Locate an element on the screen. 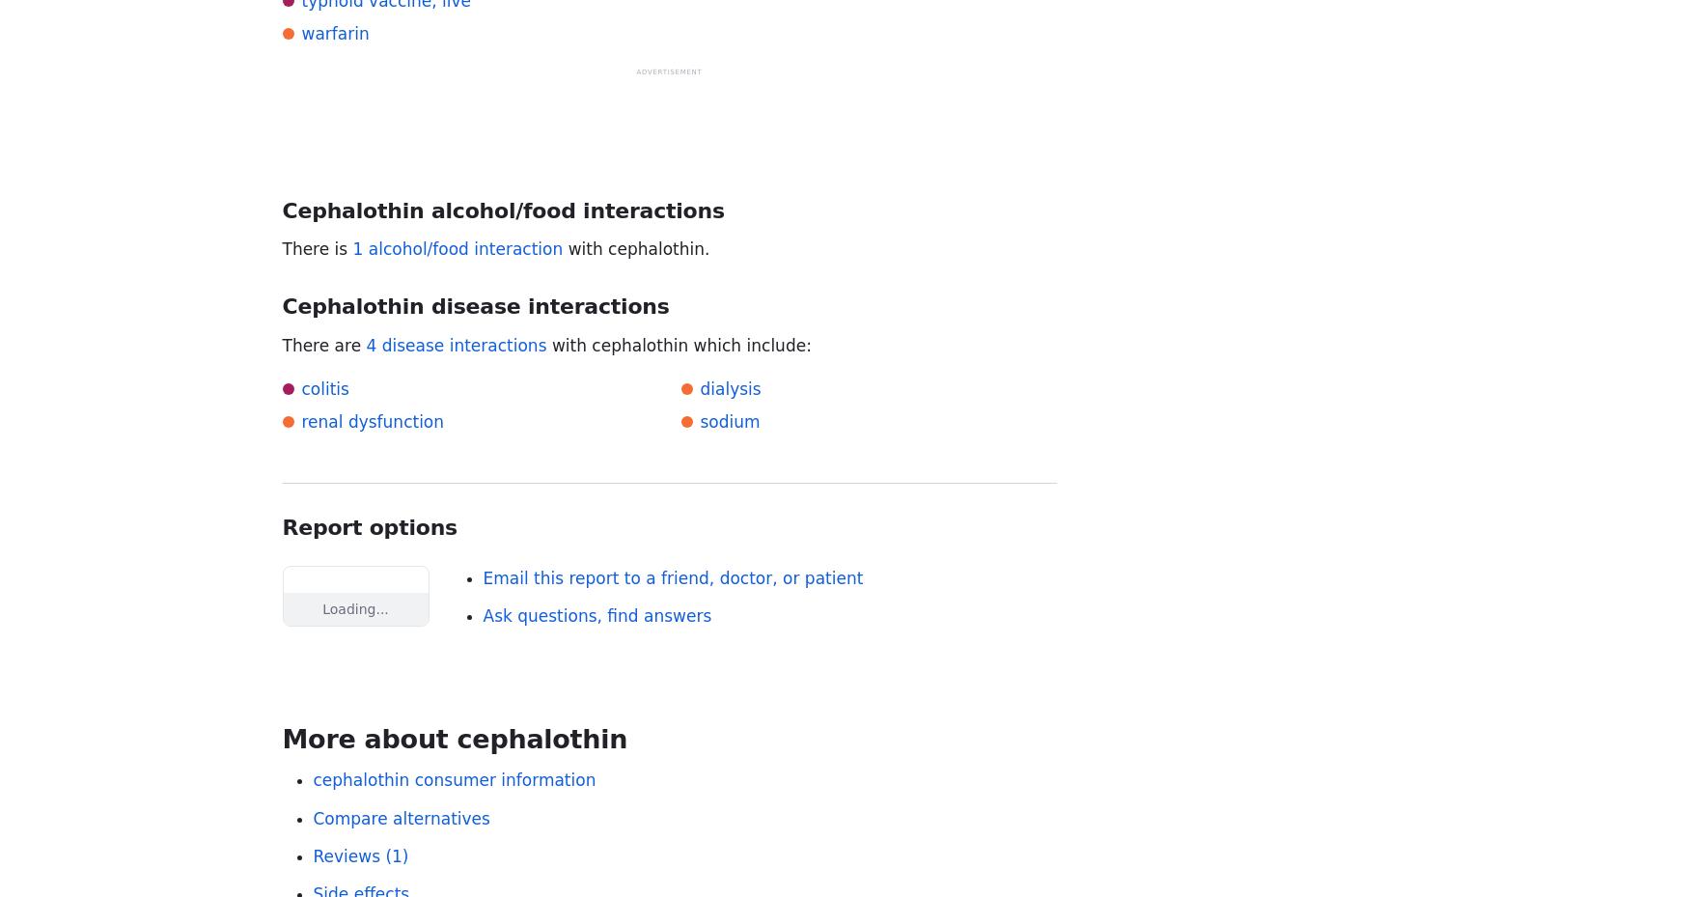 The image size is (1692, 897). 'Cephalothin disease interactions' is located at coordinates (475, 306).